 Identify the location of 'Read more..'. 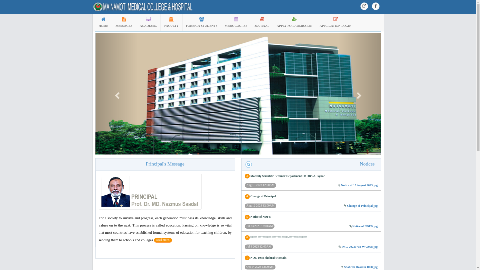
(163, 240).